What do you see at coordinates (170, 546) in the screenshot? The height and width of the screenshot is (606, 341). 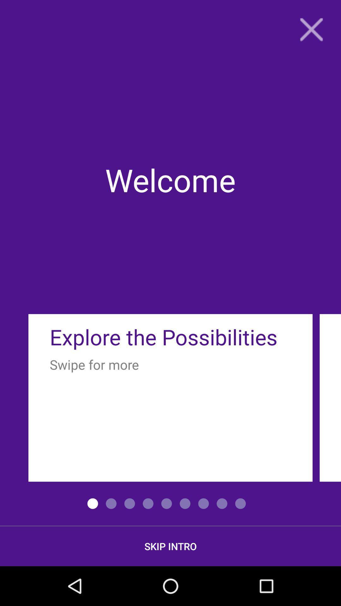 I see `the skip intro icon` at bounding box center [170, 546].